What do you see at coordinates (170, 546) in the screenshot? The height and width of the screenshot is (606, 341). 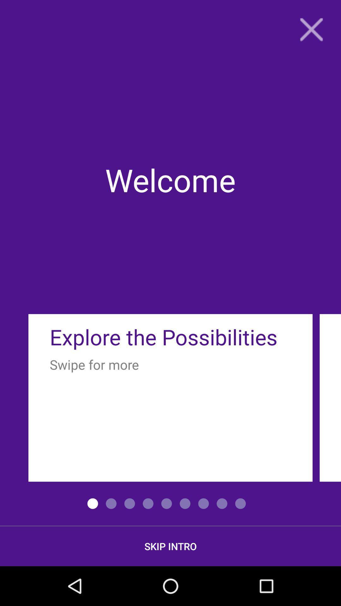 I see `the skip intro icon` at bounding box center [170, 546].